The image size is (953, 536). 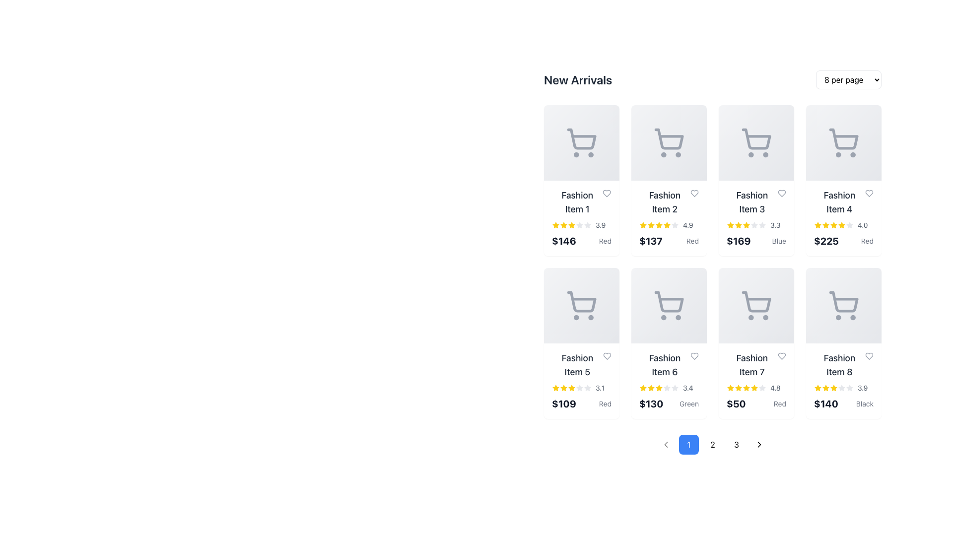 What do you see at coordinates (555, 225) in the screenshot?
I see `the yellow rating icon located in the top-left corner of the 'New Arrivals' section, which visually represents a rating value of '3.9'` at bounding box center [555, 225].